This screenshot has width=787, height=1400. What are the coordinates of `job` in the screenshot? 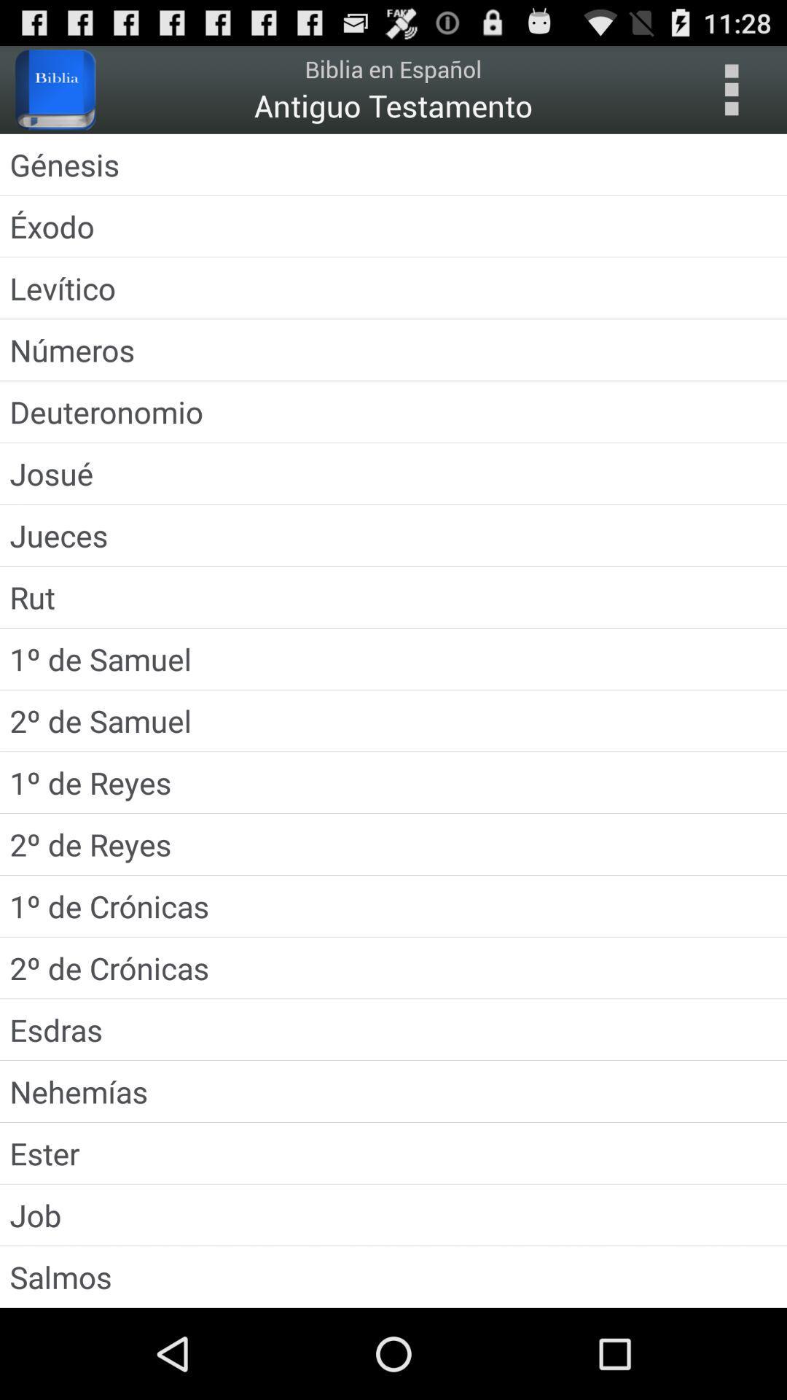 It's located at (393, 1215).